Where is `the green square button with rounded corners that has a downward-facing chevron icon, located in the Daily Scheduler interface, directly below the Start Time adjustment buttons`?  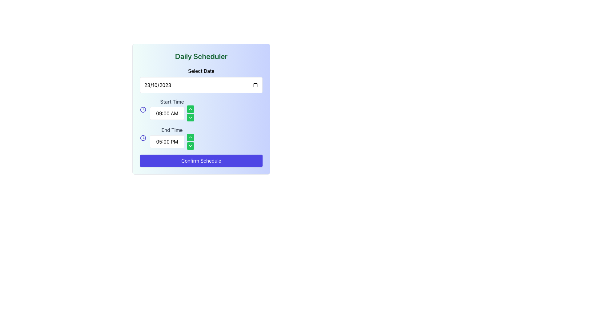
the green square button with rounded corners that has a downward-facing chevron icon, located in the Daily Scheduler interface, directly below the Start Time adjustment buttons is located at coordinates (190, 117).